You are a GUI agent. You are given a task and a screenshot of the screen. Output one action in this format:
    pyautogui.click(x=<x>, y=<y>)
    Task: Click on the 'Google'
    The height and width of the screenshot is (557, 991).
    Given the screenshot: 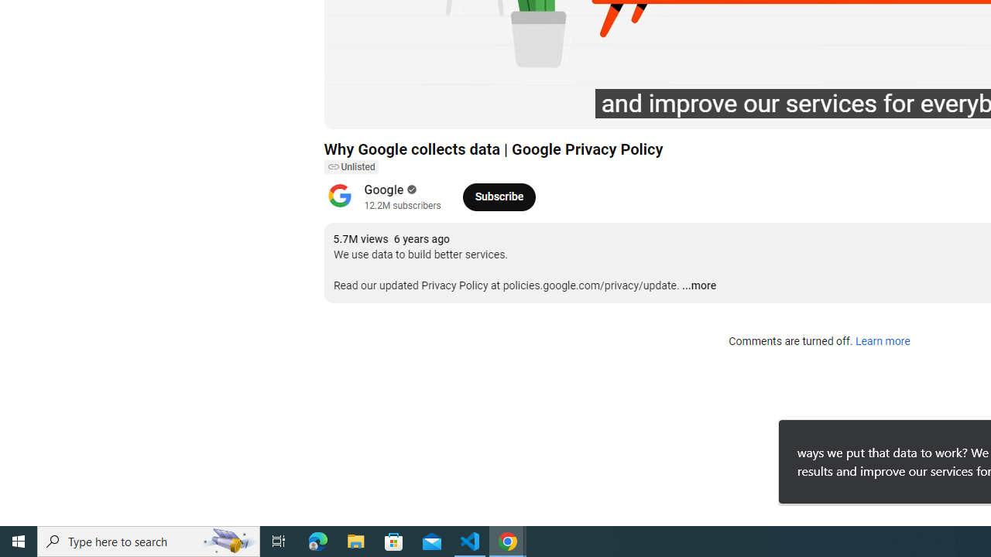 What is the action you would take?
    pyautogui.click(x=384, y=189)
    